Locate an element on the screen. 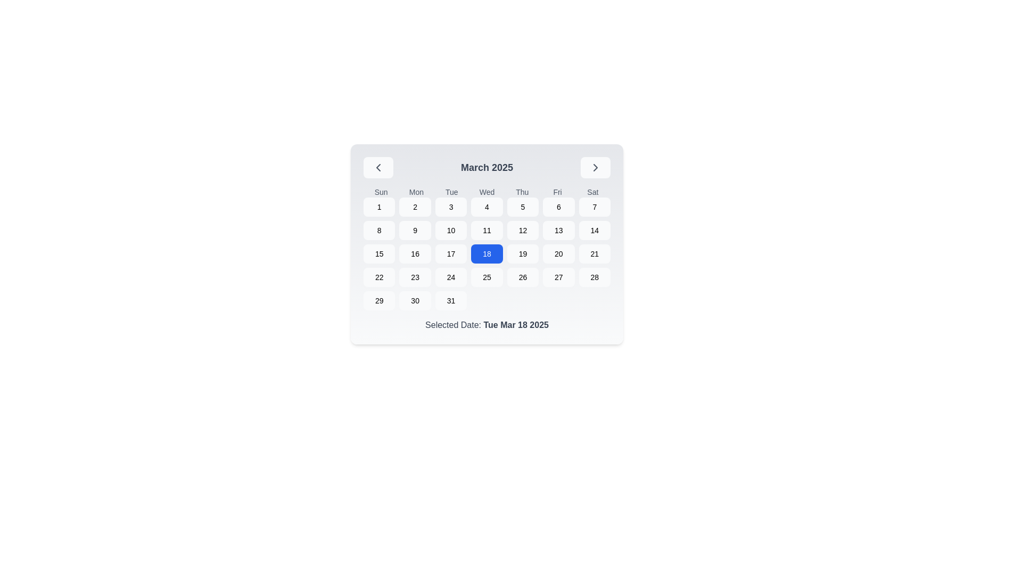 This screenshot has width=1022, height=575. the calendar date button representing the 20th day of the month is located at coordinates (558, 254).